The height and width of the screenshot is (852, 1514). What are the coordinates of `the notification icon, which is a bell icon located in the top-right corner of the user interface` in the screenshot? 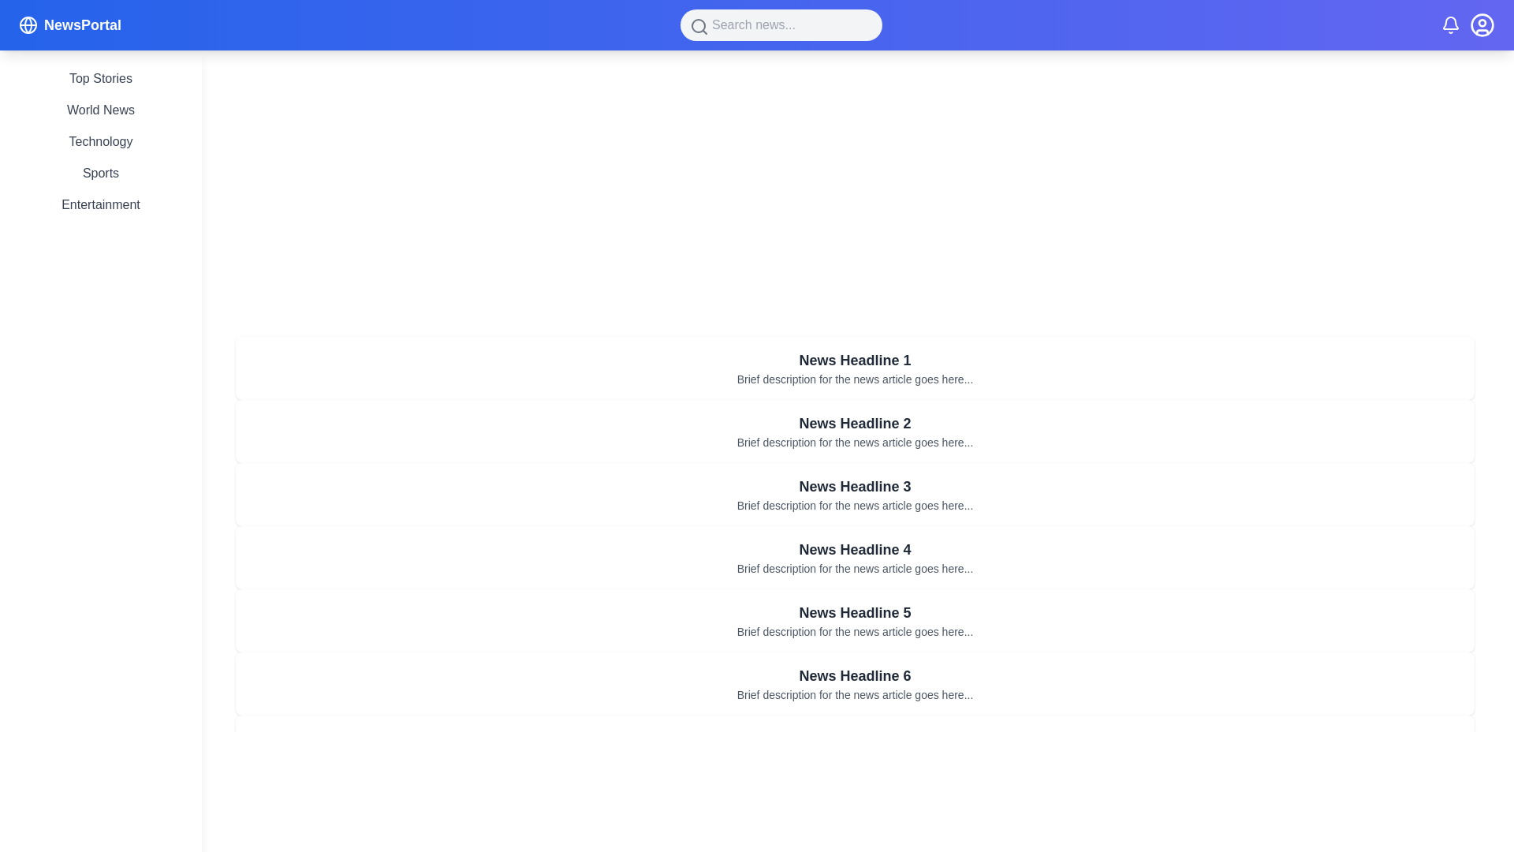 It's located at (1450, 24).